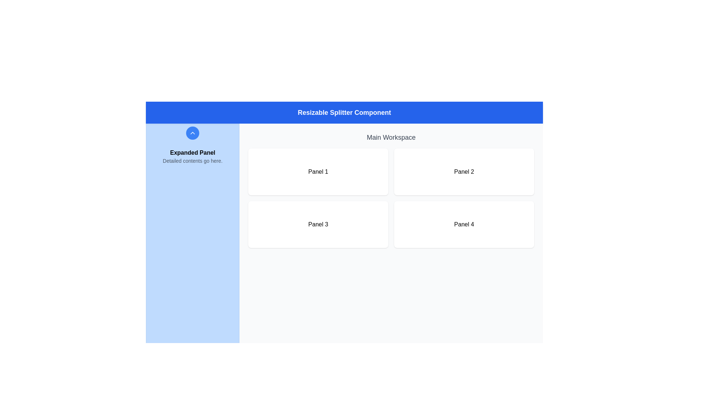  What do you see at coordinates (464, 172) in the screenshot?
I see `the labeled panel located in the top-right cell of the grid layout` at bounding box center [464, 172].